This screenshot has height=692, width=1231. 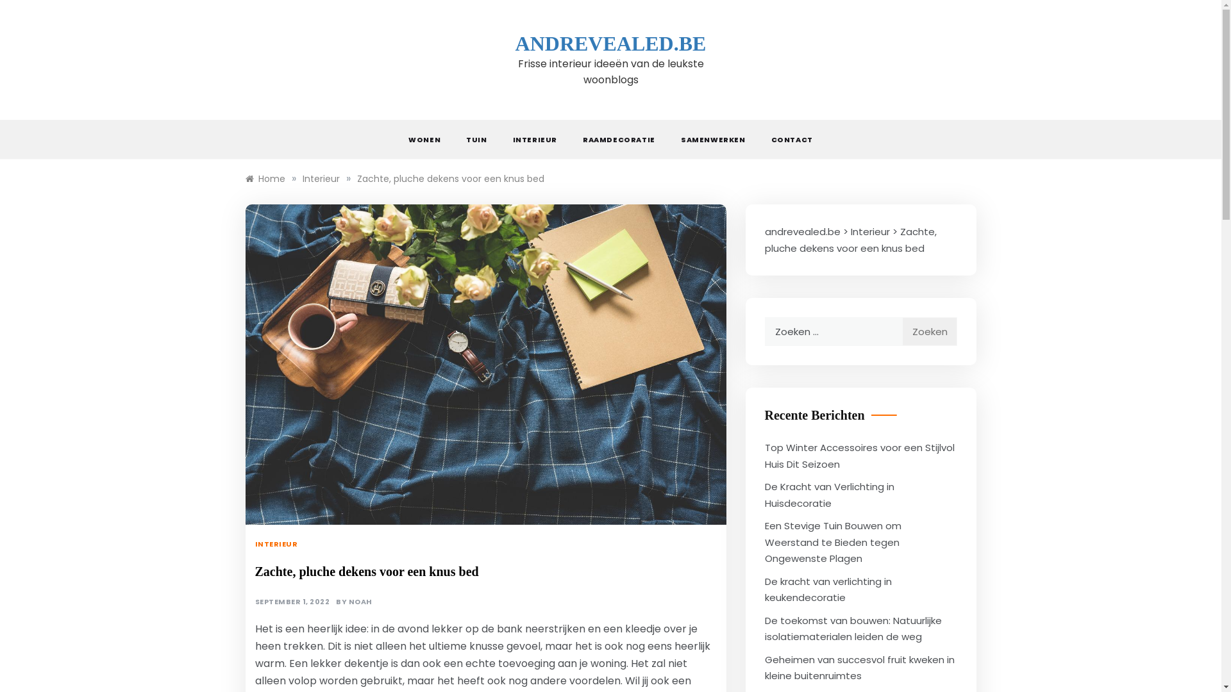 I want to click on 'INTERIEUR', so click(x=535, y=140).